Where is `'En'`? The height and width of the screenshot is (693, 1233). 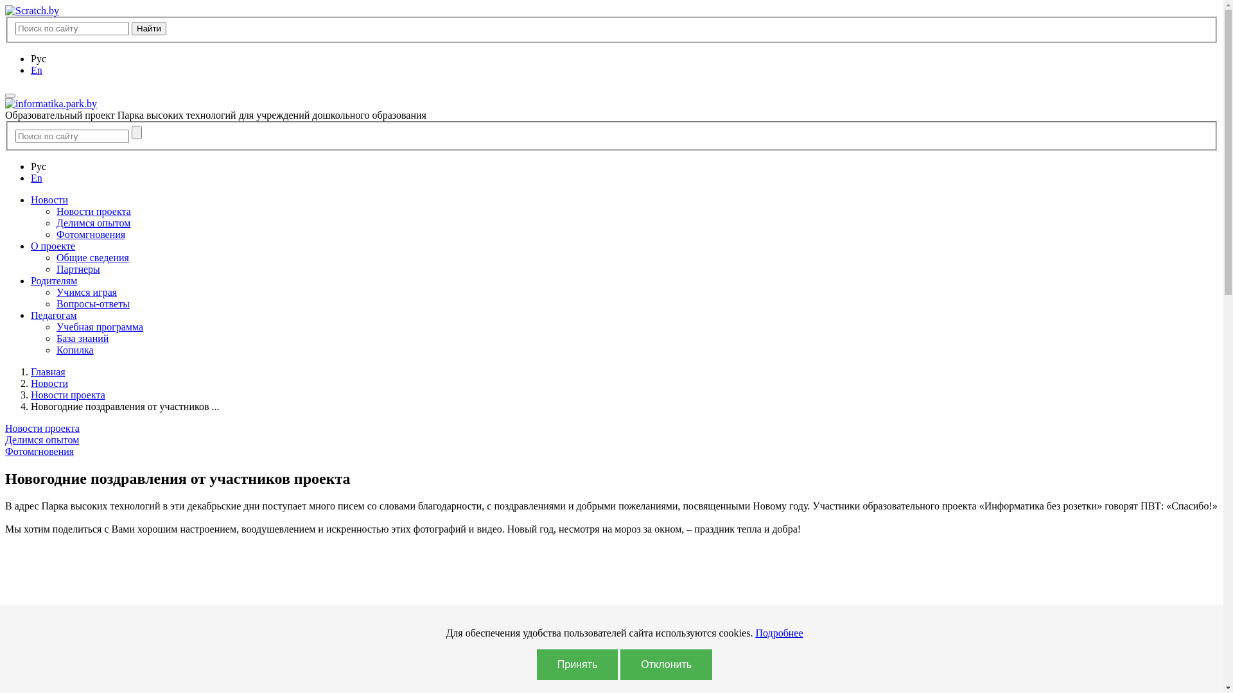 'En' is located at coordinates (31, 70).